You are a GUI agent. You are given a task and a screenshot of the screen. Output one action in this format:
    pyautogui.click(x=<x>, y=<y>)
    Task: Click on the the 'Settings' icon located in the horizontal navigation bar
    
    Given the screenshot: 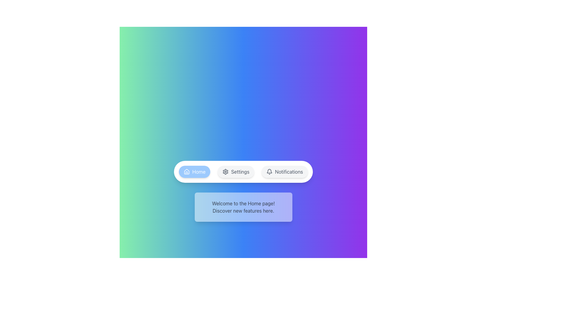 What is the action you would take?
    pyautogui.click(x=225, y=172)
    